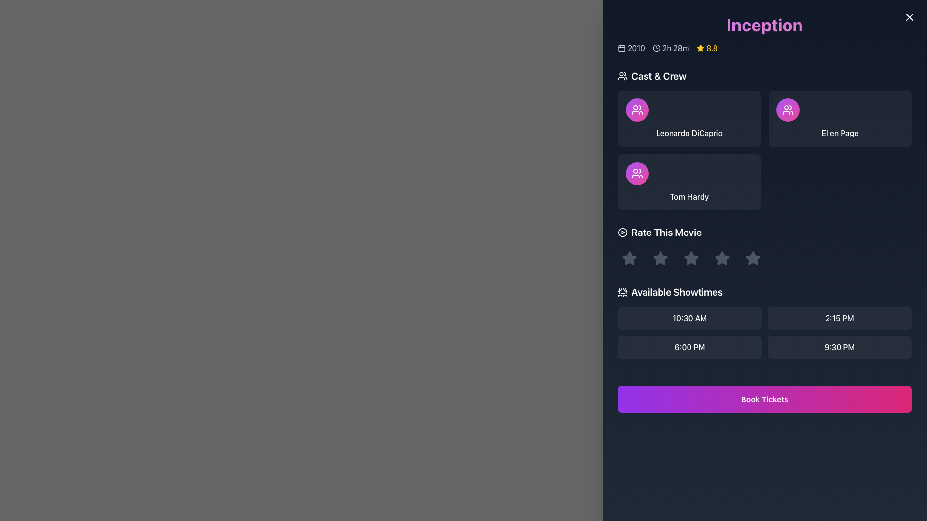  Describe the element at coordinates (689, 318) in the screenshot. I see `the '10:30 AM' button` at that location.